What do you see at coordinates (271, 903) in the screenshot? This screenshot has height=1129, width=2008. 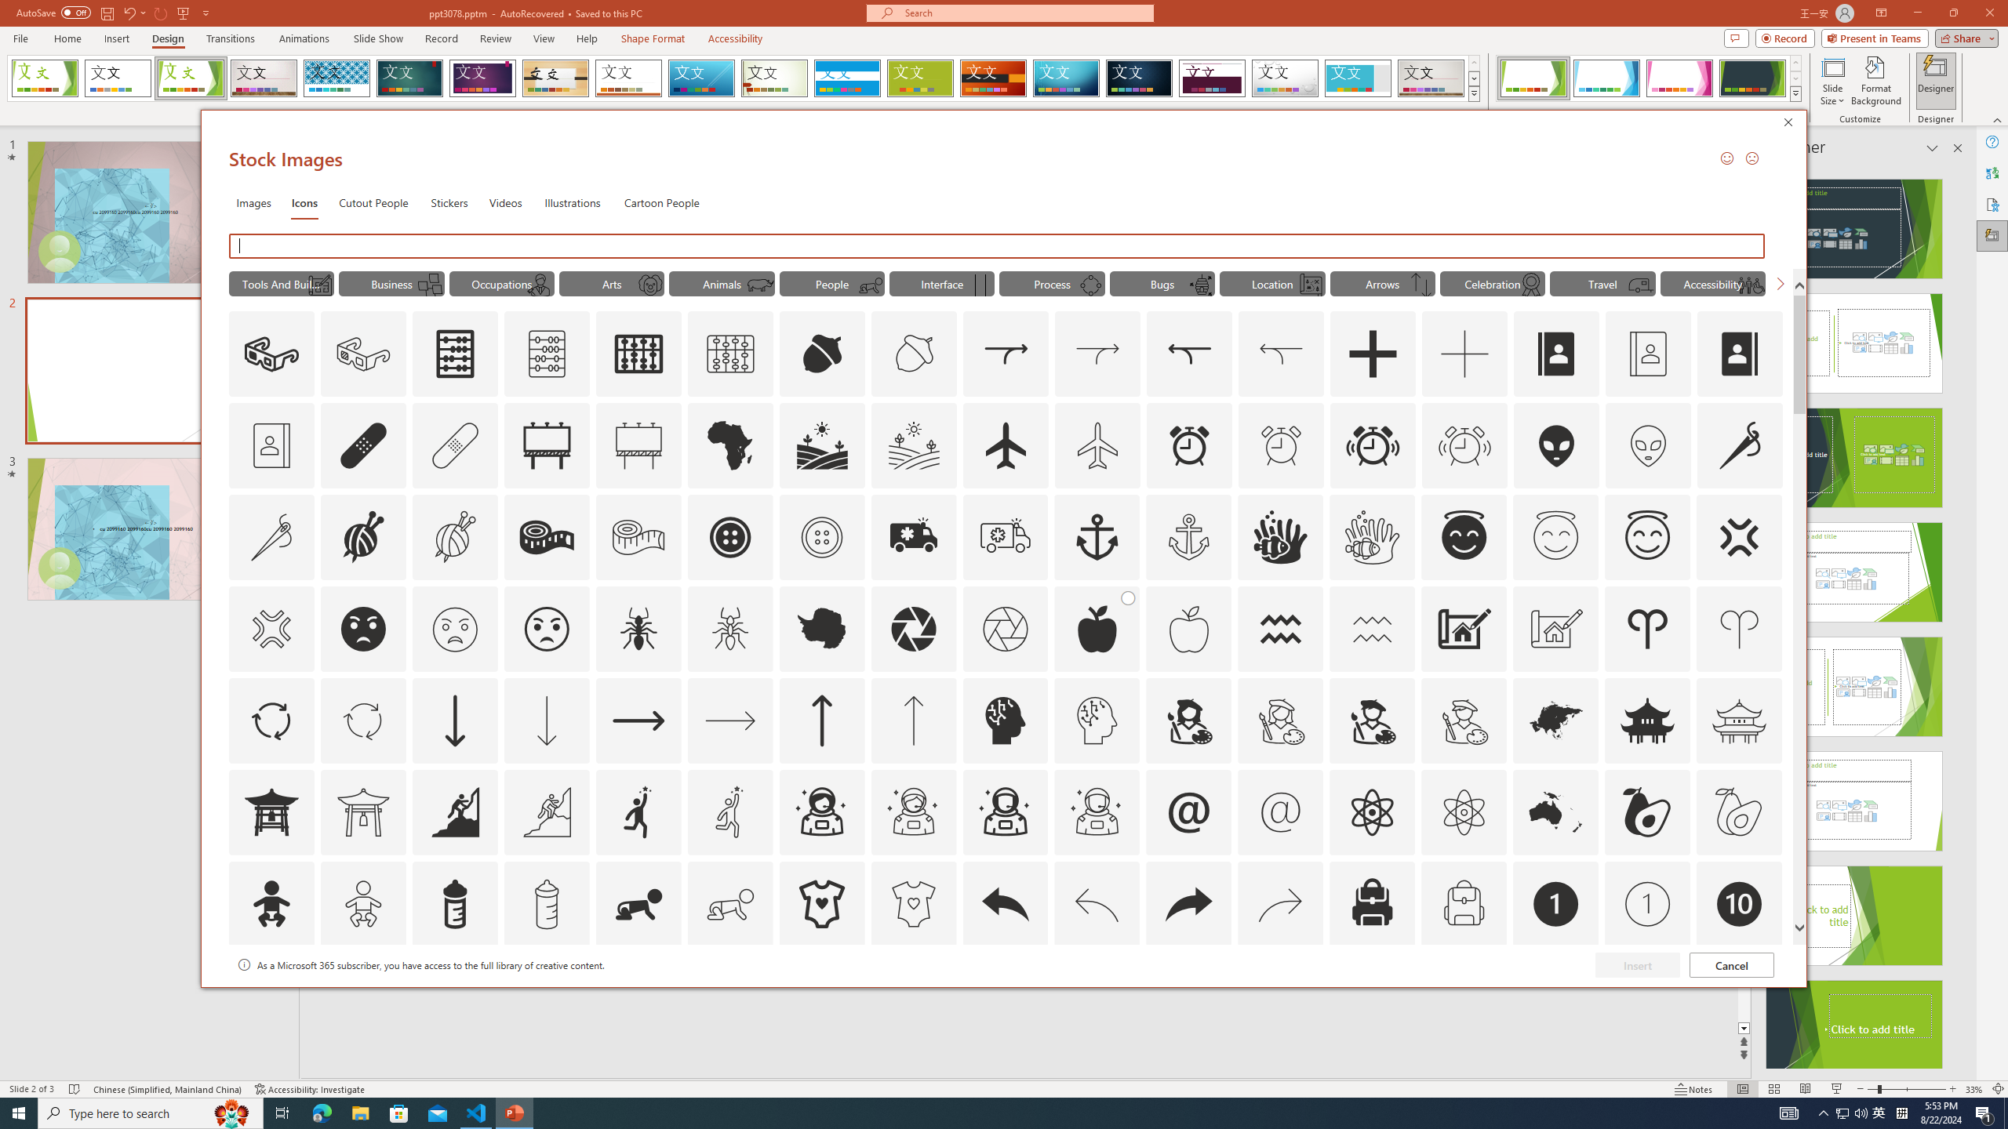 I see `'AutomationID: Icons_Baby'` at bounding box center [271, 903].